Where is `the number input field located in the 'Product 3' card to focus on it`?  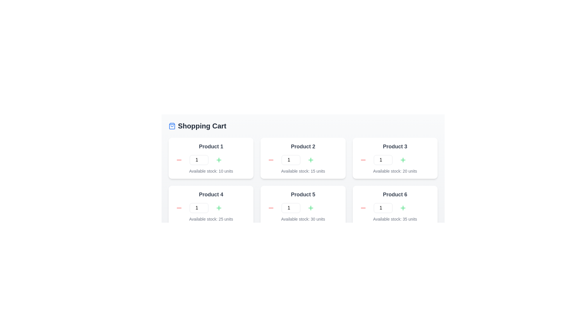
the number input field located in the 'Product 3' card to focus on it is located at coordinates (383, 160).